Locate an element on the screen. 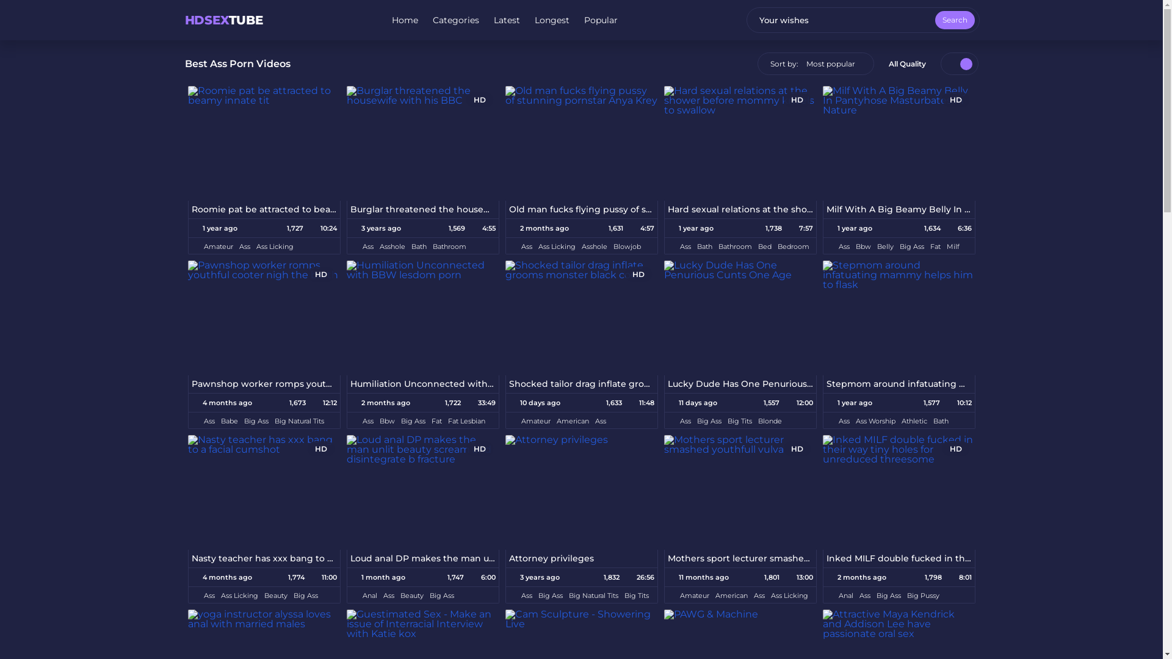 Image resolution: width=1172 pixels, height=659 pixels. 'Athletic' is located at coordinates (914, 420).